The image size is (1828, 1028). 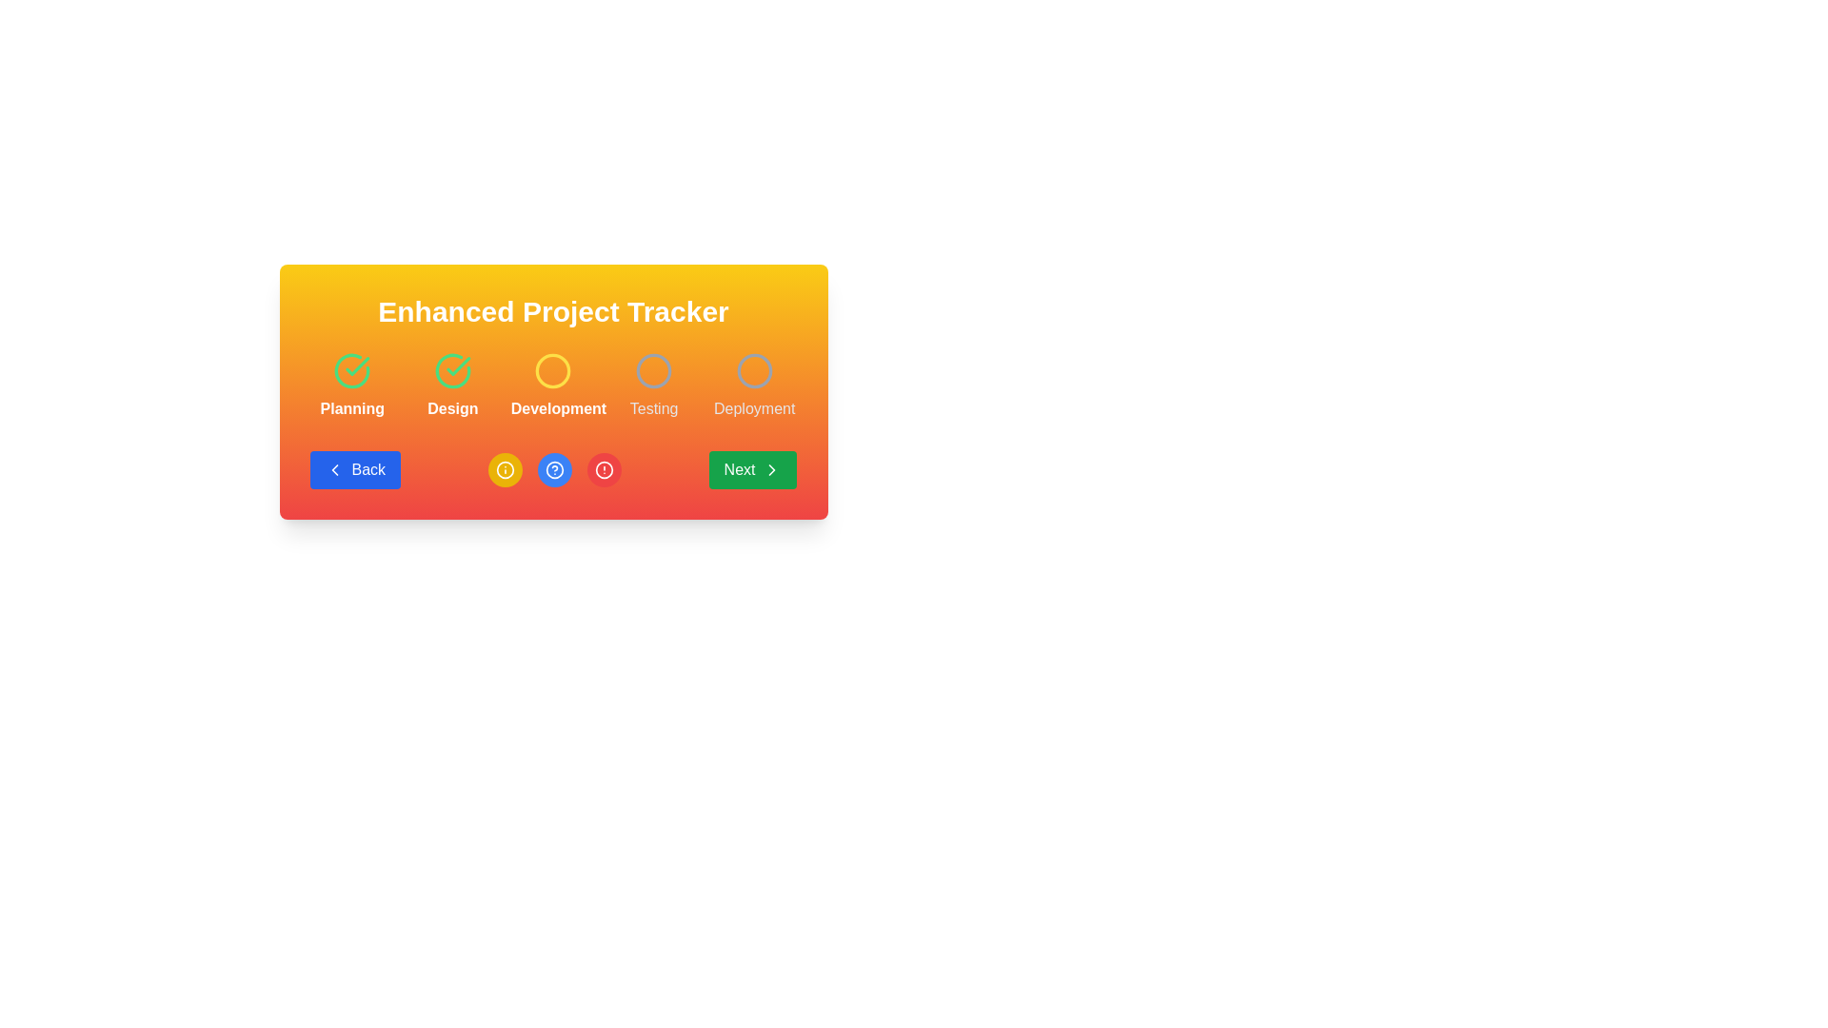 What do you see at coordinates (654, 385) in the screenshot?
I see `the status represented by the 'Testing' phase in the progress tracker stage indicator, which is the fourth stage in a row of five stages` at bounding box center [654, 385].